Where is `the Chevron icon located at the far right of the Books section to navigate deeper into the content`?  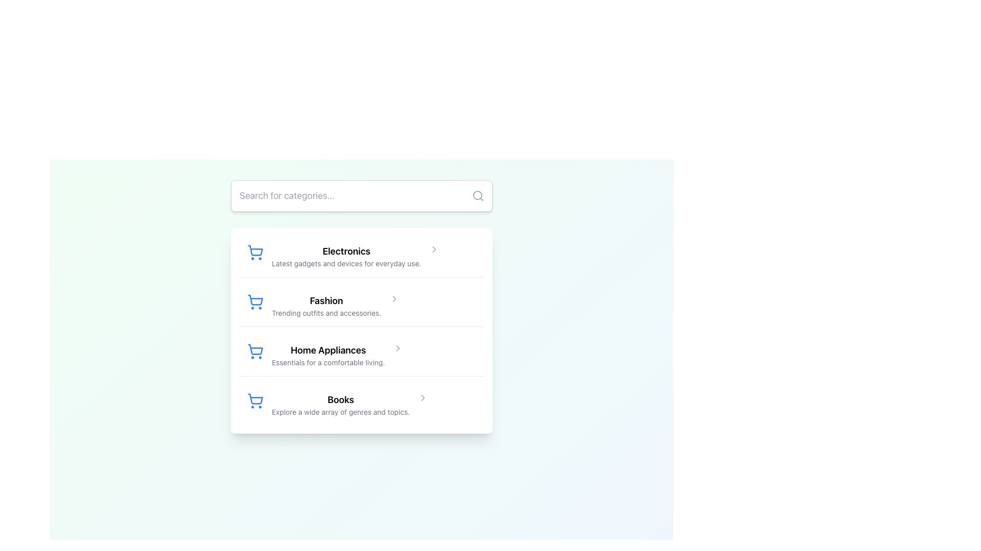 the Chevron icon located at the far right of the Books section to navigate deeper into the content is located at coordinates (423, 397).